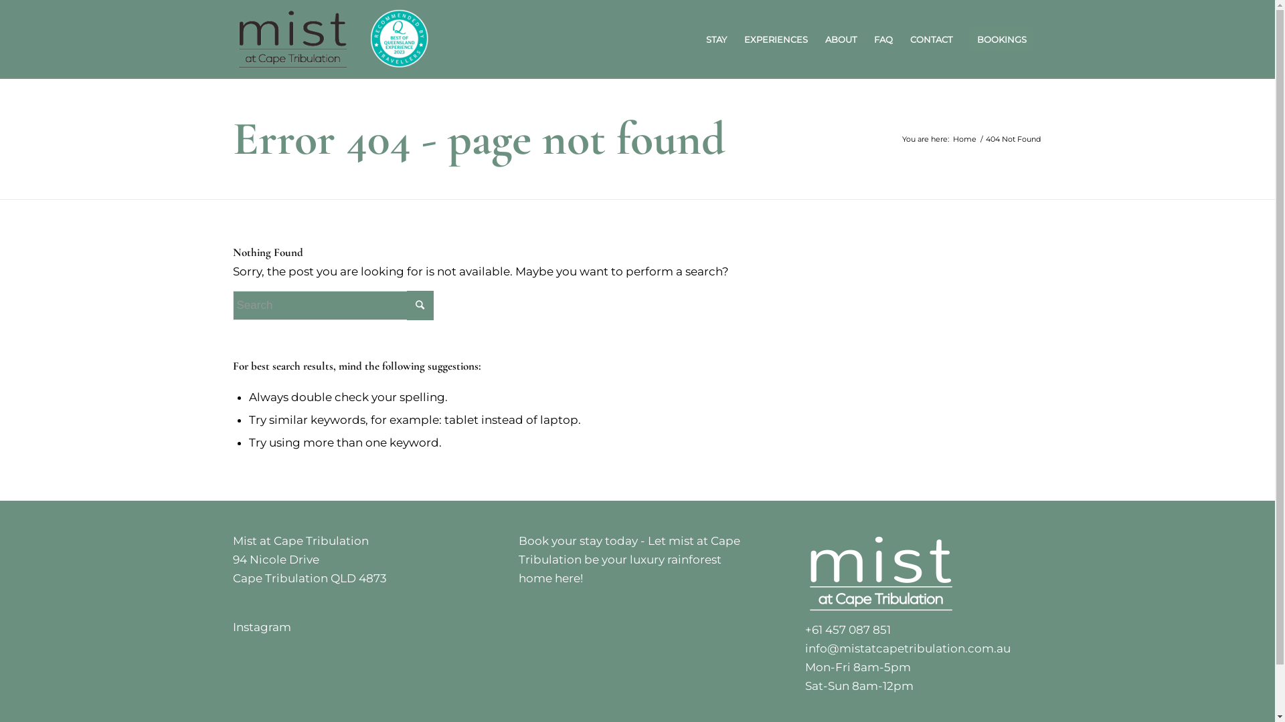 Image resolution: width=1285 pixels, height=722 pixels. Describe the element at coordinates (262, 626) in the screenshot. I see `'Instagram'` at that location.